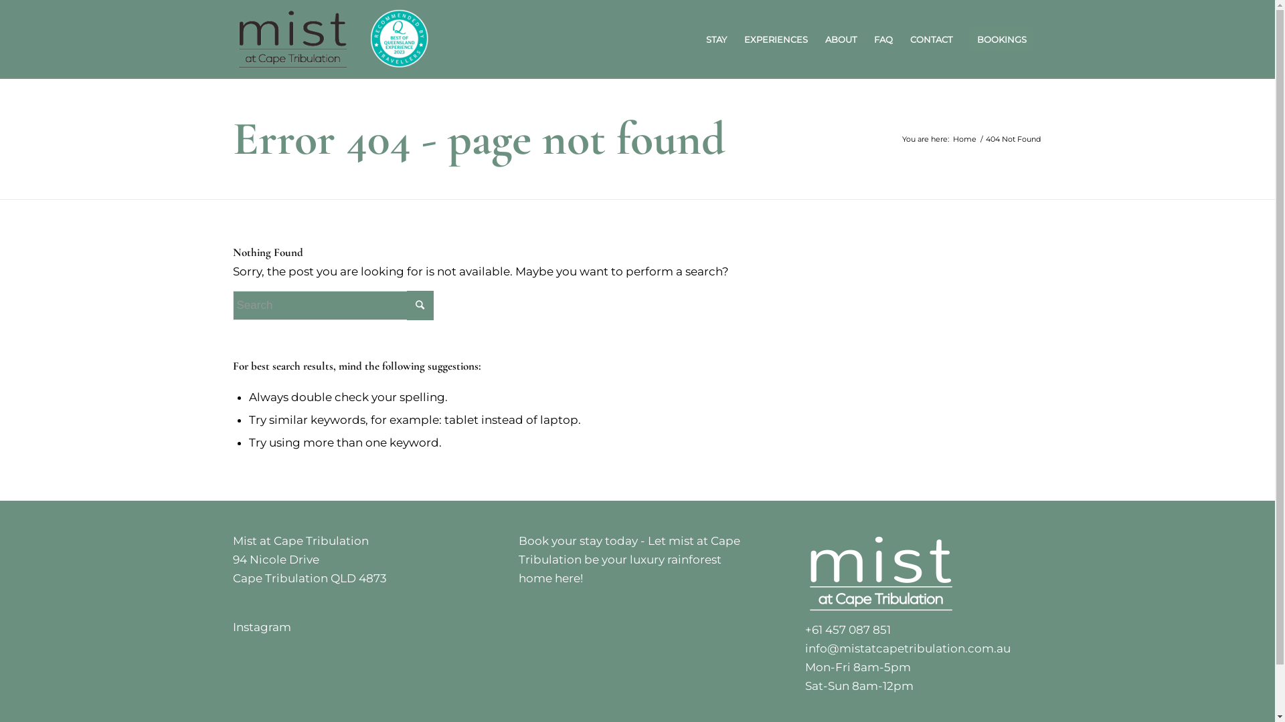 Image resolution: width=1285 pixels, height=722 pixels. Describe the element at coordinates (262, 626) in the screenshot. I see `'Instagram'` at that location.